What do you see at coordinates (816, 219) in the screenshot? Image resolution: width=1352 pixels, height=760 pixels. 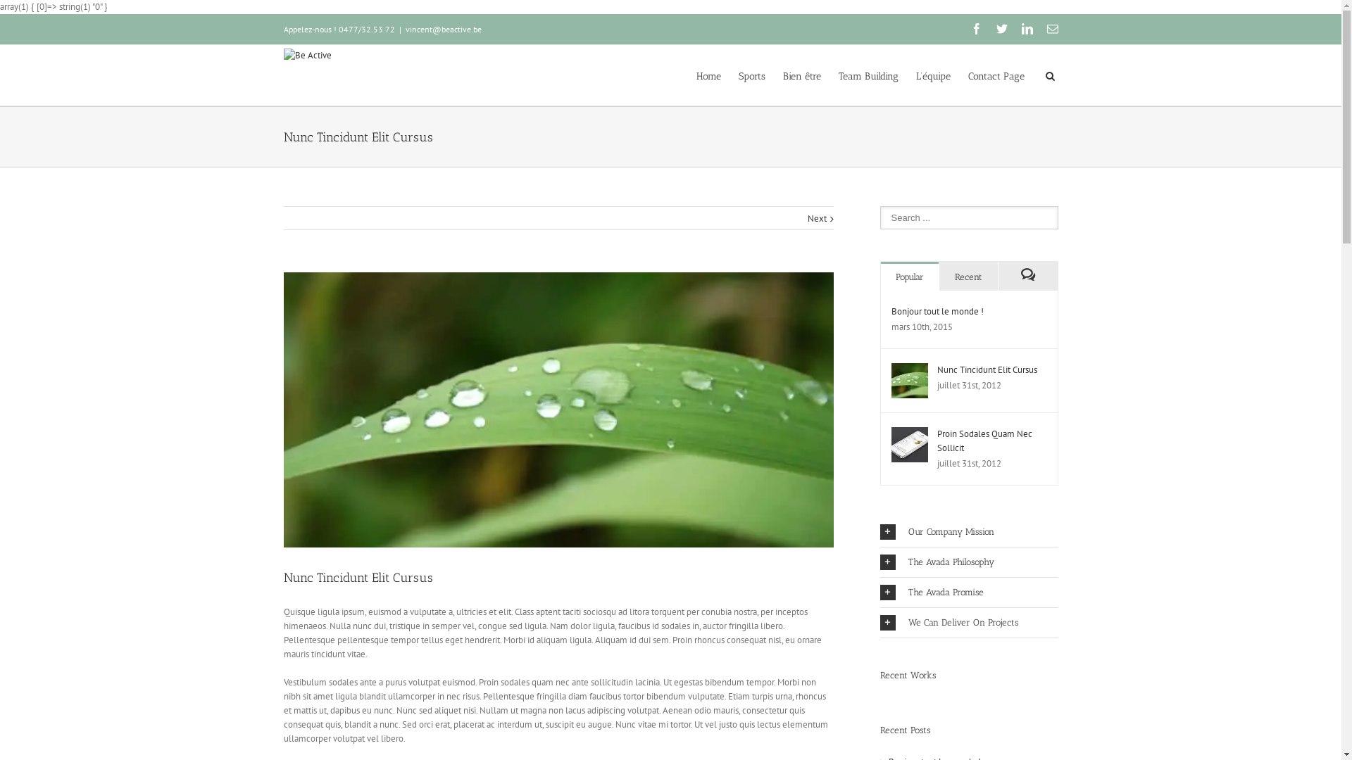 I see `'Next'` at bounding box center [816, 219].